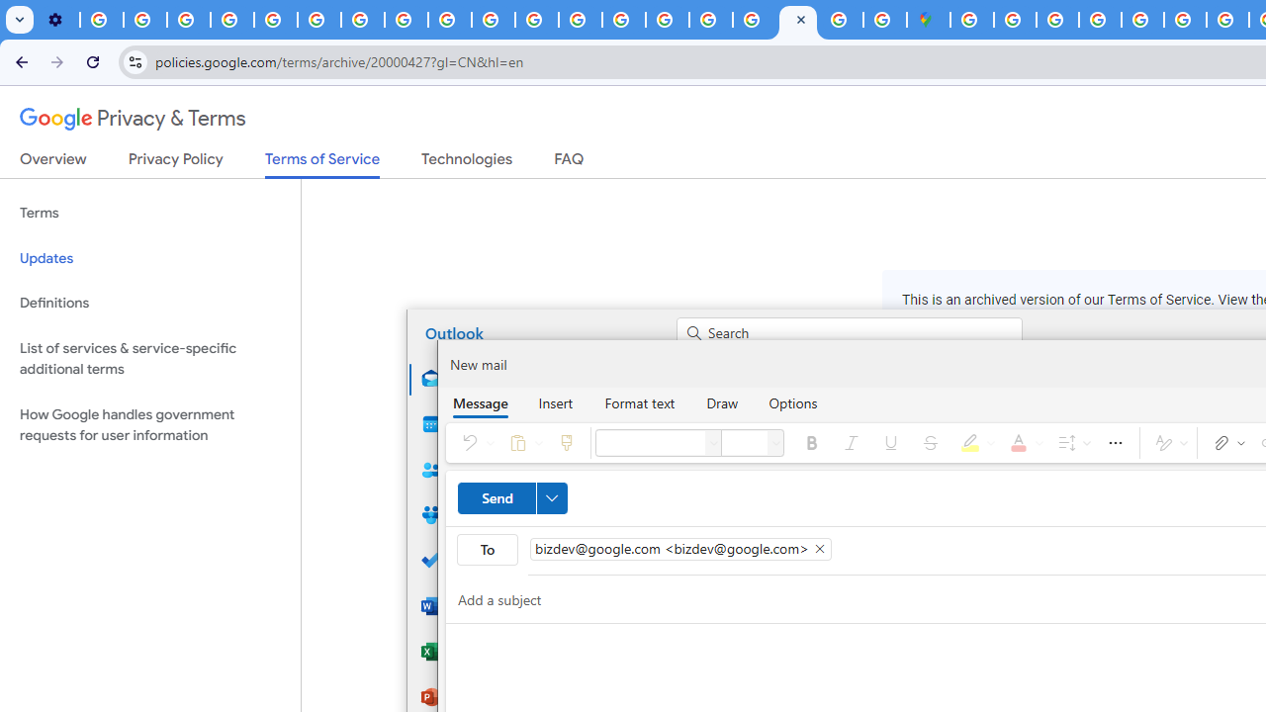 The image size is (1266, 712). Describe the element at coordinates (812, 441) in the screenshot. I see `'Bold'` at that location.